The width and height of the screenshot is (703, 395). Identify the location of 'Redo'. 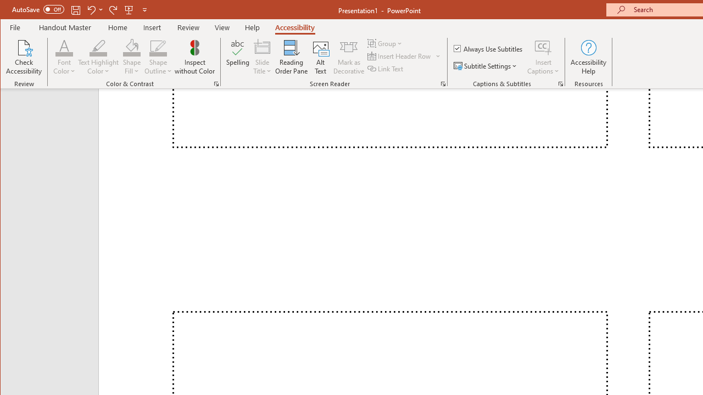
(113, 9).